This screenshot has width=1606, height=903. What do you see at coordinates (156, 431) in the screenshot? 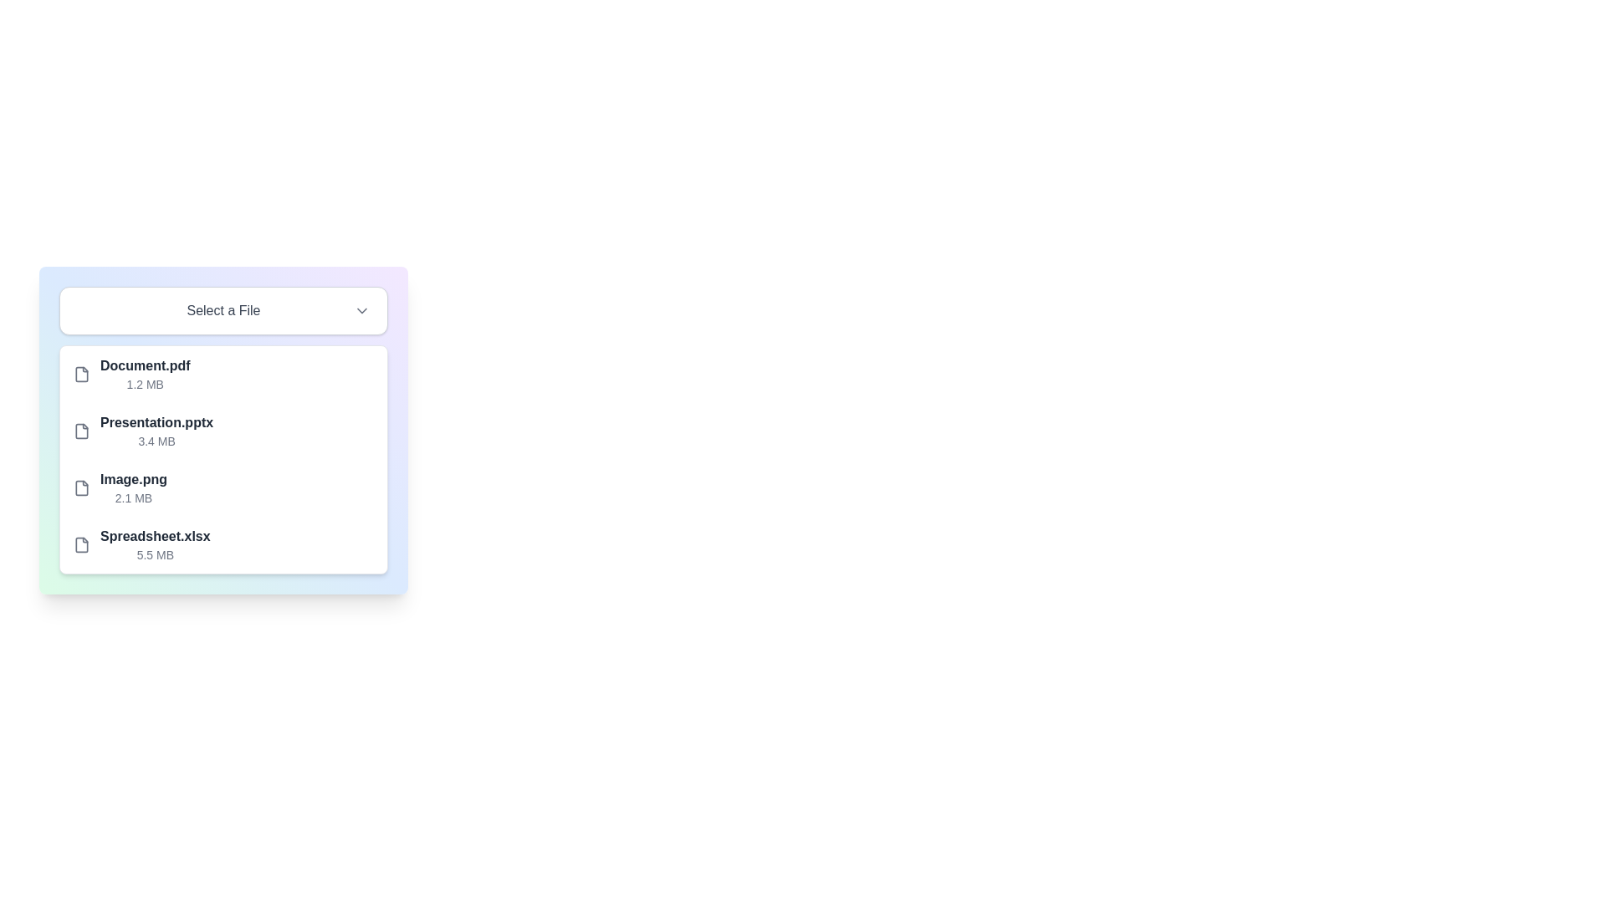
I see `the second list item displaying the file name 'Presentation.pptx'` at bounding box center [156, 431].